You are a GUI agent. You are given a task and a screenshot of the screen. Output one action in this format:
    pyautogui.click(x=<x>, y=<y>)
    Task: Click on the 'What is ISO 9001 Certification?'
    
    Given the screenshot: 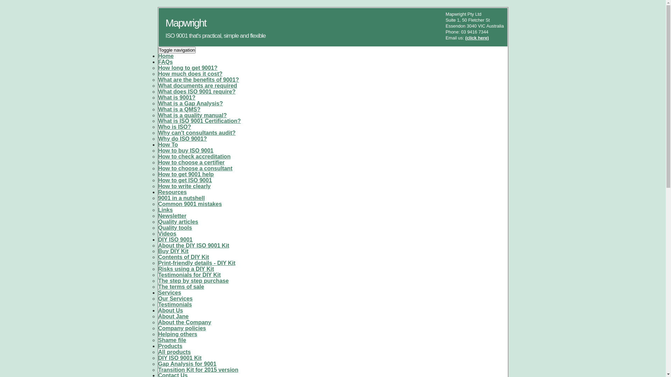 What is the action you would take?
    pyautogui.click(x=199, y=120)
    